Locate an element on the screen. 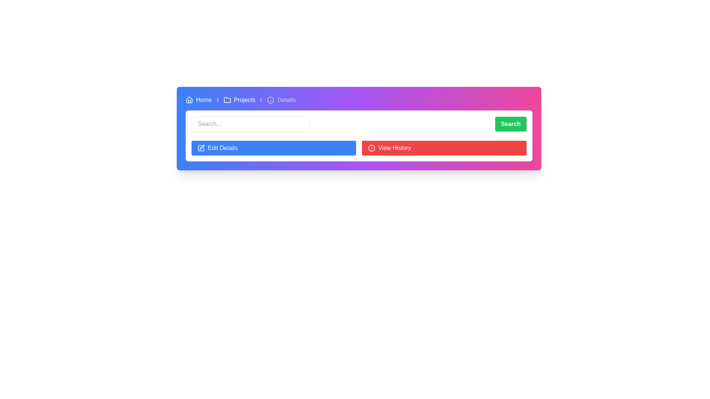 The width and height of the screenshot is (710, 399). the decorative icon located to the left of the 'Edit Details' button, which visually indicates its purpose is located at coordinates (201, 148).